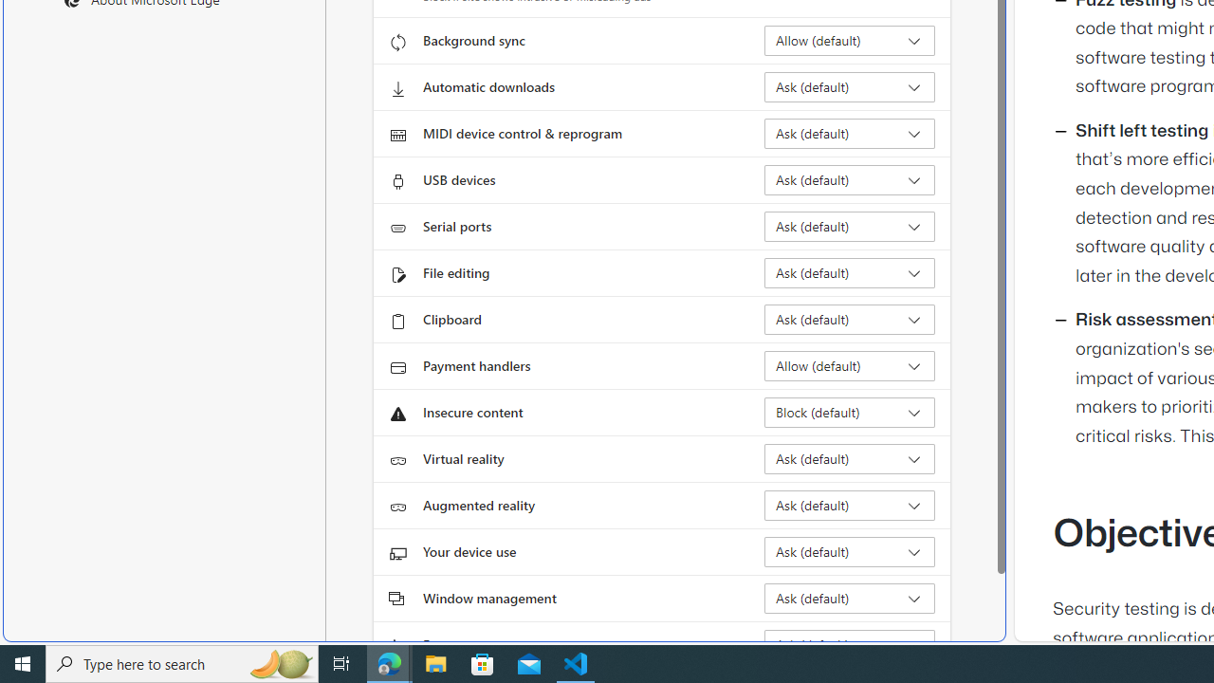 The width and height of the screenshot is (1214, 683). Describe the element at coordinates (849, 87) in the screenshot. I see `'Automatic downloads Ask (default)'` at that location.